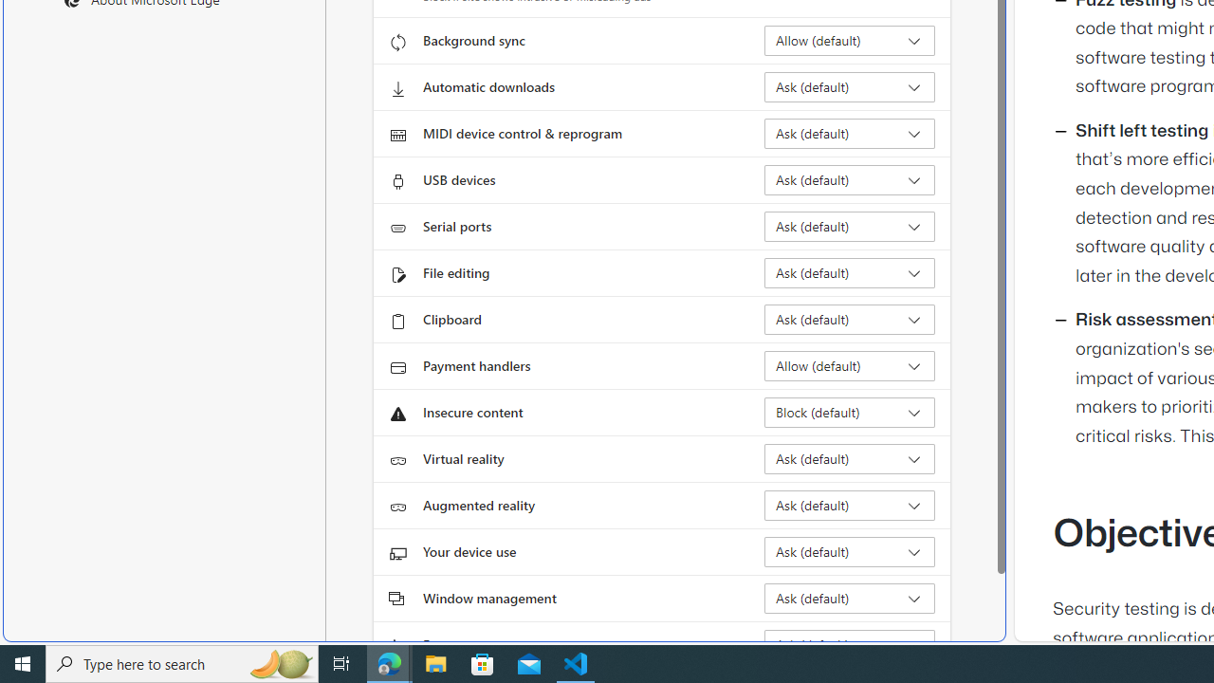 The width and height of the screenshot is (1214, 683). Describe the element at coordinates (849, 87) in the screenshot. I see `'Automatic downloads Ask (default)'` at that location.